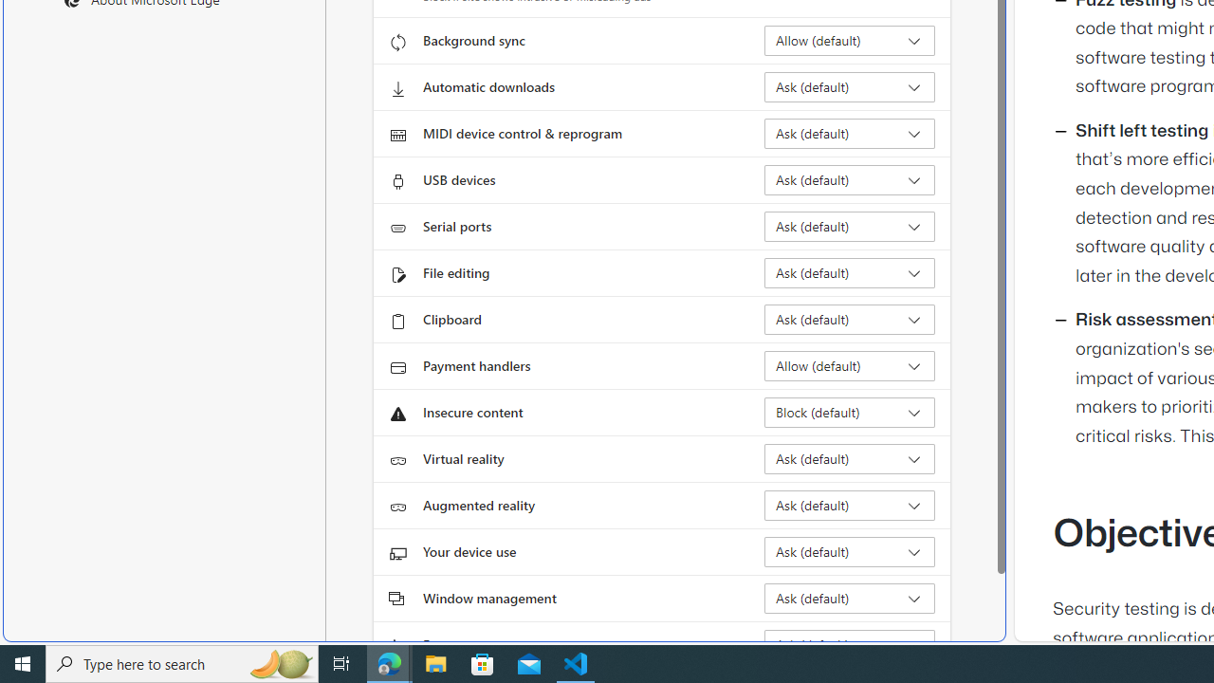 The width and height of the screenshot is (1214, 683). Describe the element at coordinates (849, 87) in the screenshot. I see `'Automatic downloads Ask (default)'` at that location.